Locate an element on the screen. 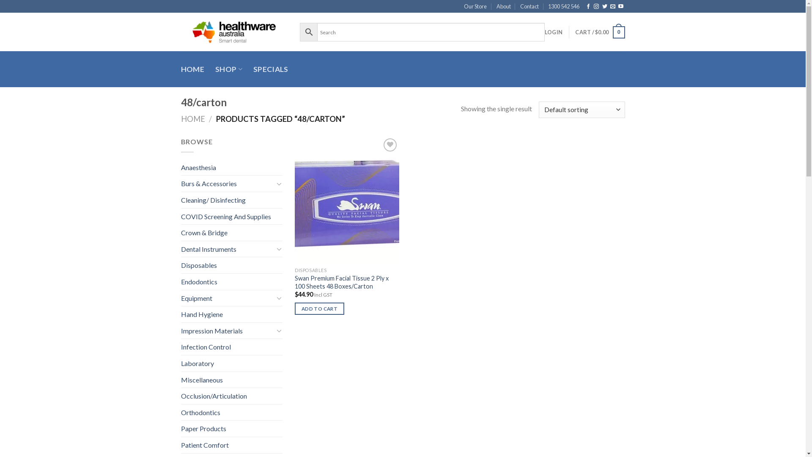 This screenshot has width=812, height=457. 'Follow on Instagram' is located at coordinates (596, 6).